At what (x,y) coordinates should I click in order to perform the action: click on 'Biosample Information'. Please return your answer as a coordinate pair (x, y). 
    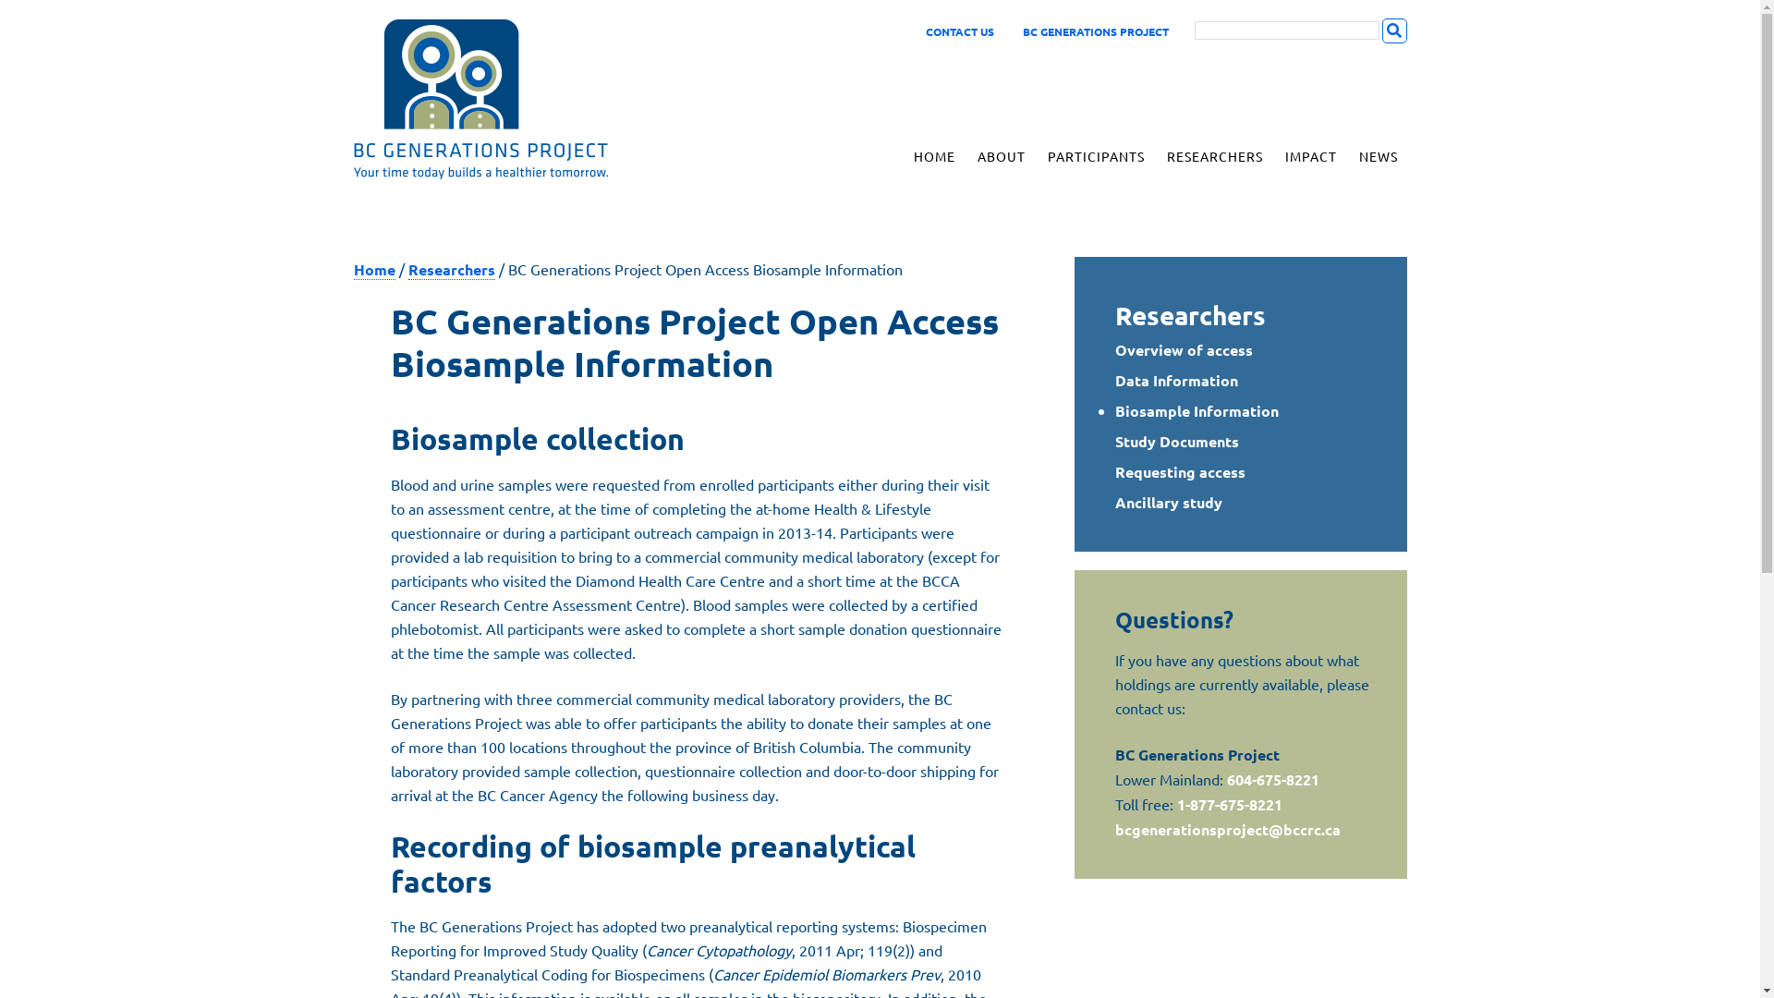
    Looking at the image, I should click on (1197, 409).